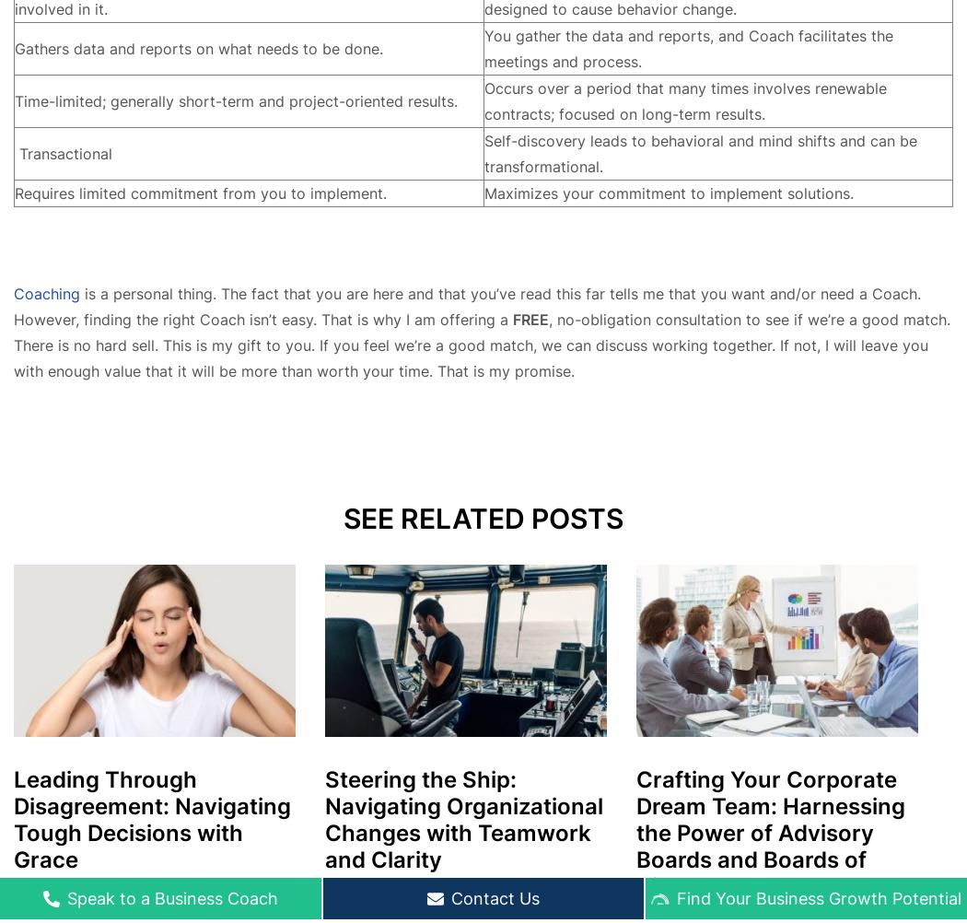 This screenshot has width=967, height=923. What do you see at coordinates (667, 193) in the screenshot?
I see `'Maximizes your commitment to implement solutions.'` at bounding box center [667, 193].